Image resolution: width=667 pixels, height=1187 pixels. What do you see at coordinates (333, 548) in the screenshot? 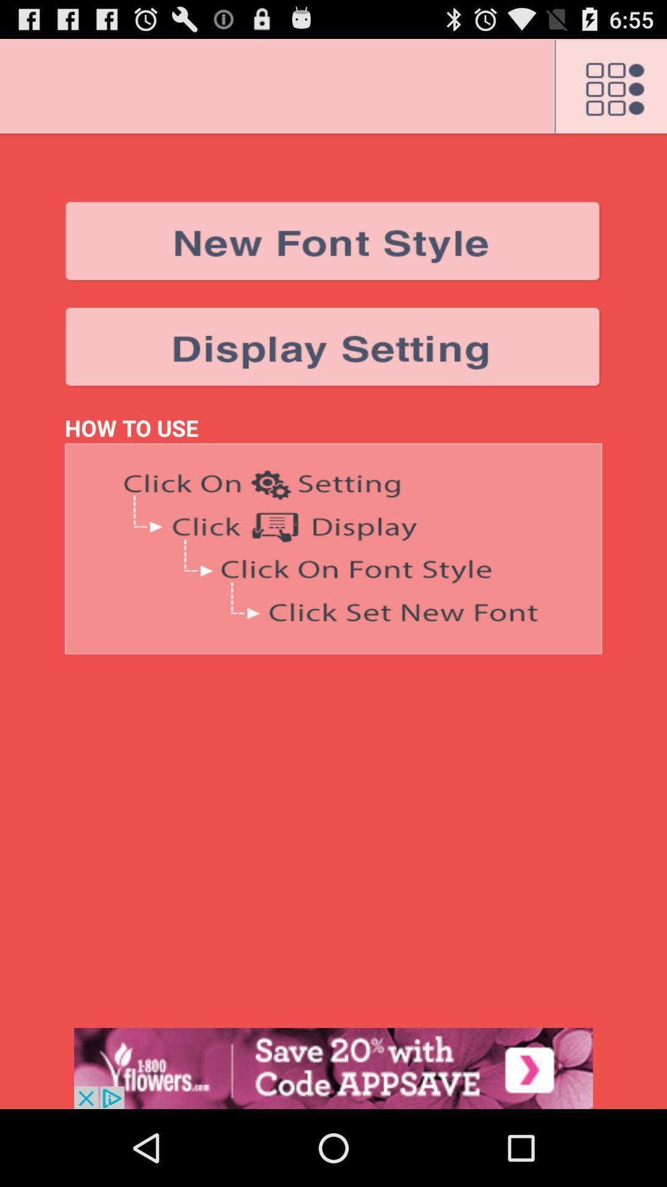
I see `expand the tutorial` at bounding box center [333, 548].